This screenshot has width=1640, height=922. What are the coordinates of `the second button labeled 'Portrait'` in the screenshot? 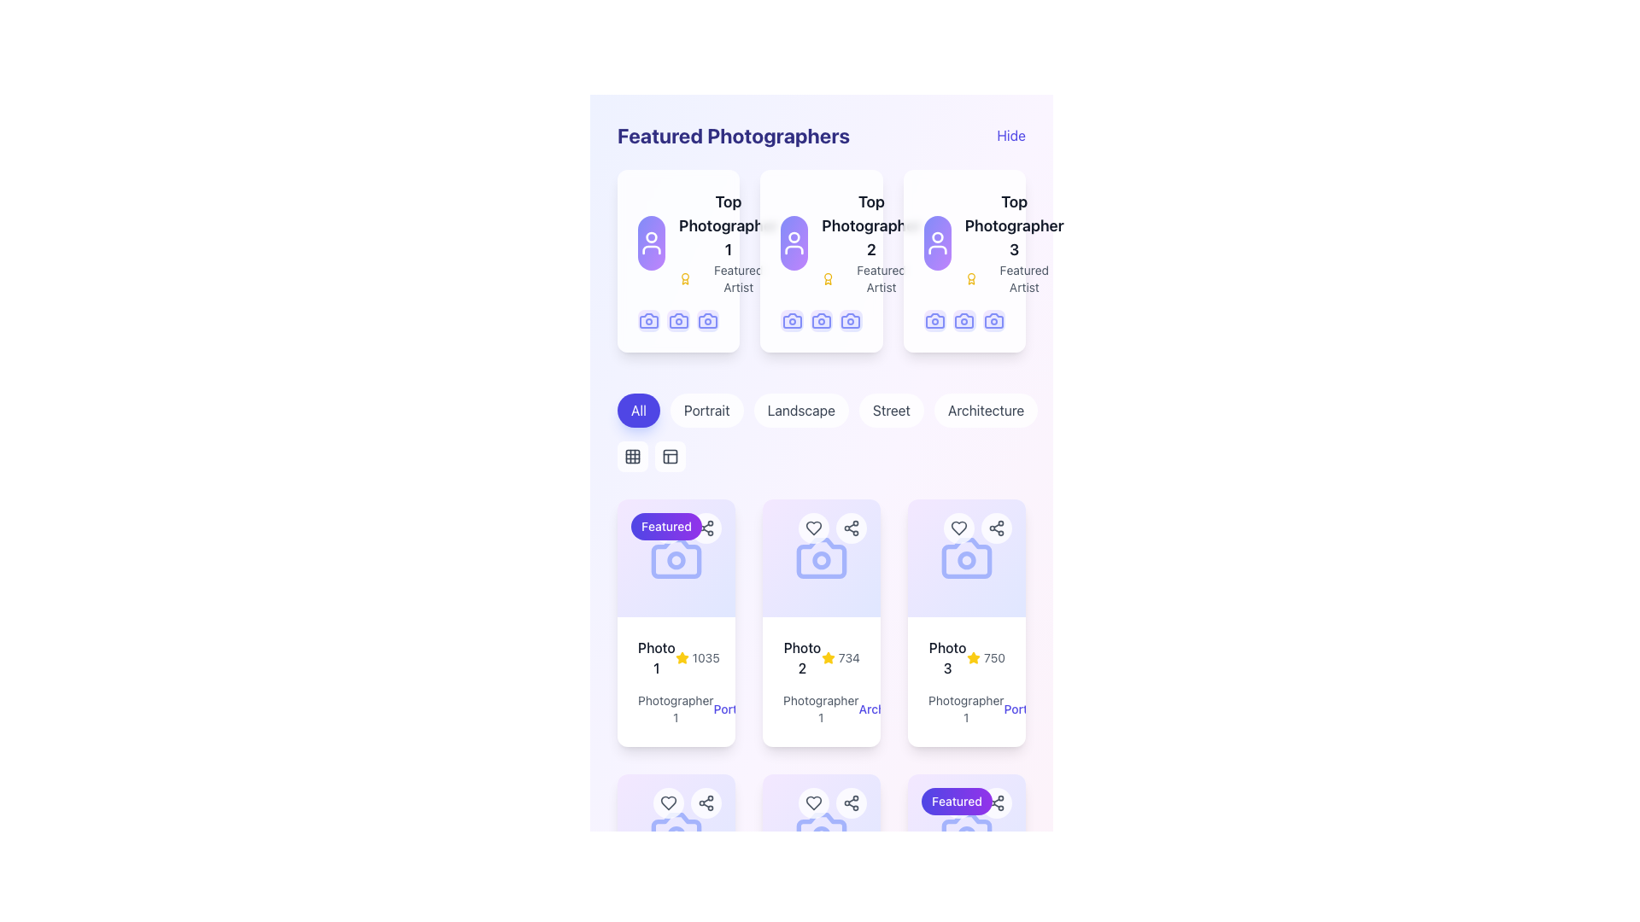 It's located at (706, 411).